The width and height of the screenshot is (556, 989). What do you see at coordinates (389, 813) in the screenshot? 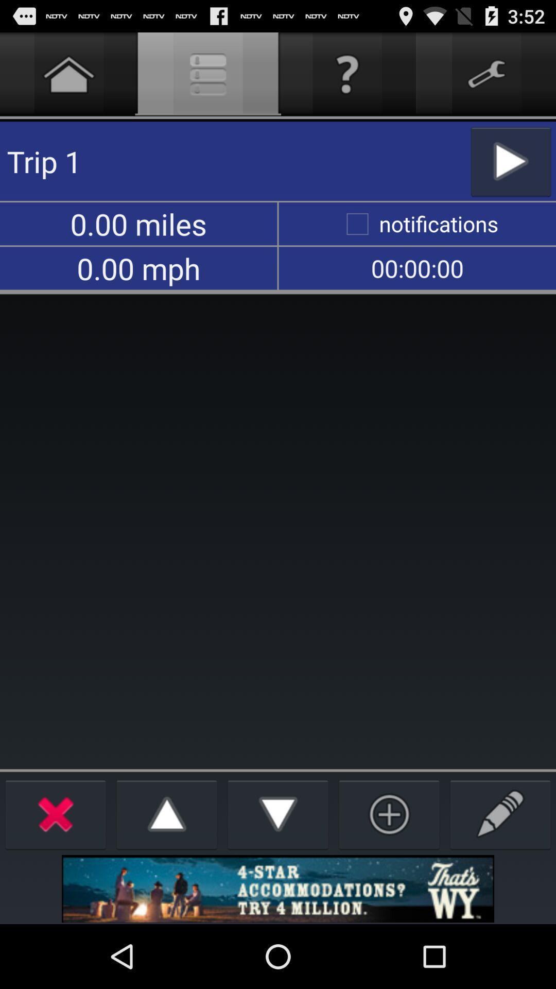
I see `page` at bounding box center [389, 813].